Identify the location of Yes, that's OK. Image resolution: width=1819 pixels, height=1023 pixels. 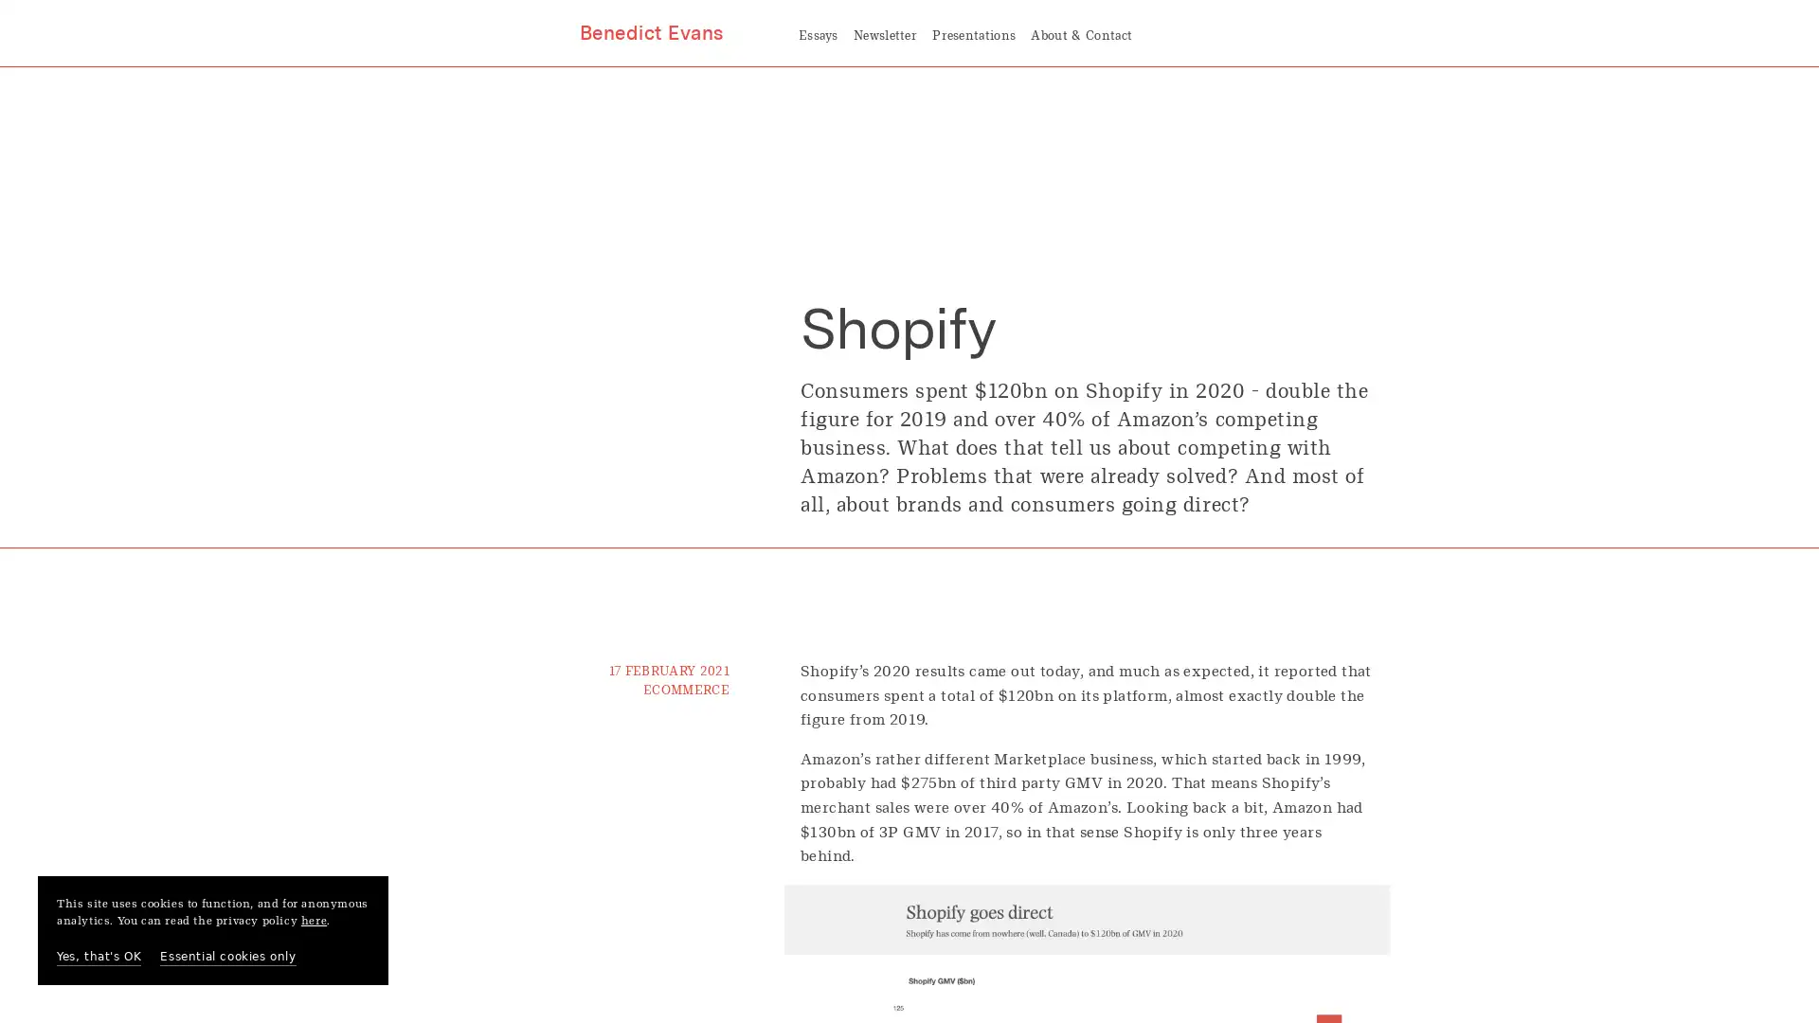
(98, 957).